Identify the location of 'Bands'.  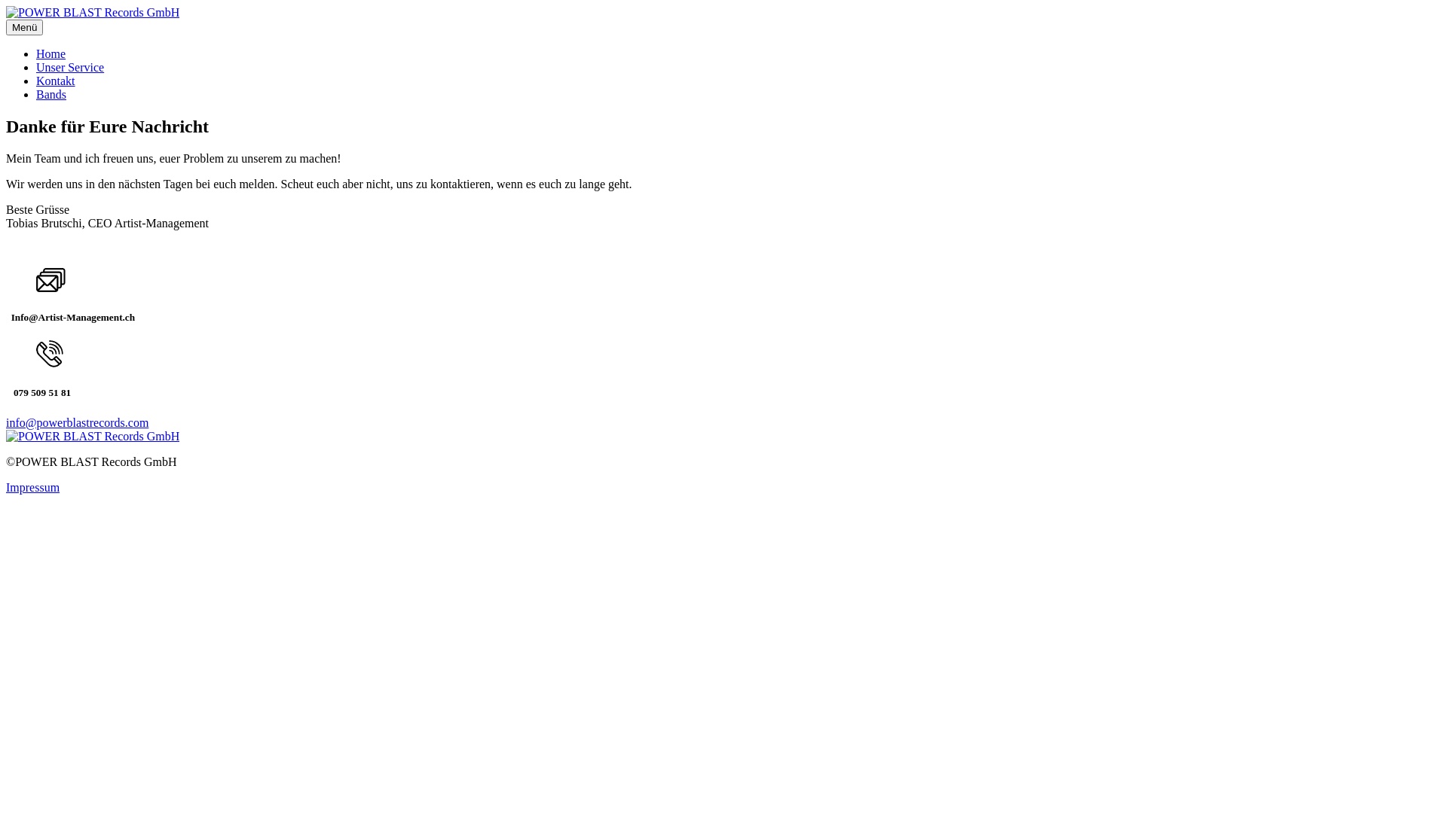
(36, 94).